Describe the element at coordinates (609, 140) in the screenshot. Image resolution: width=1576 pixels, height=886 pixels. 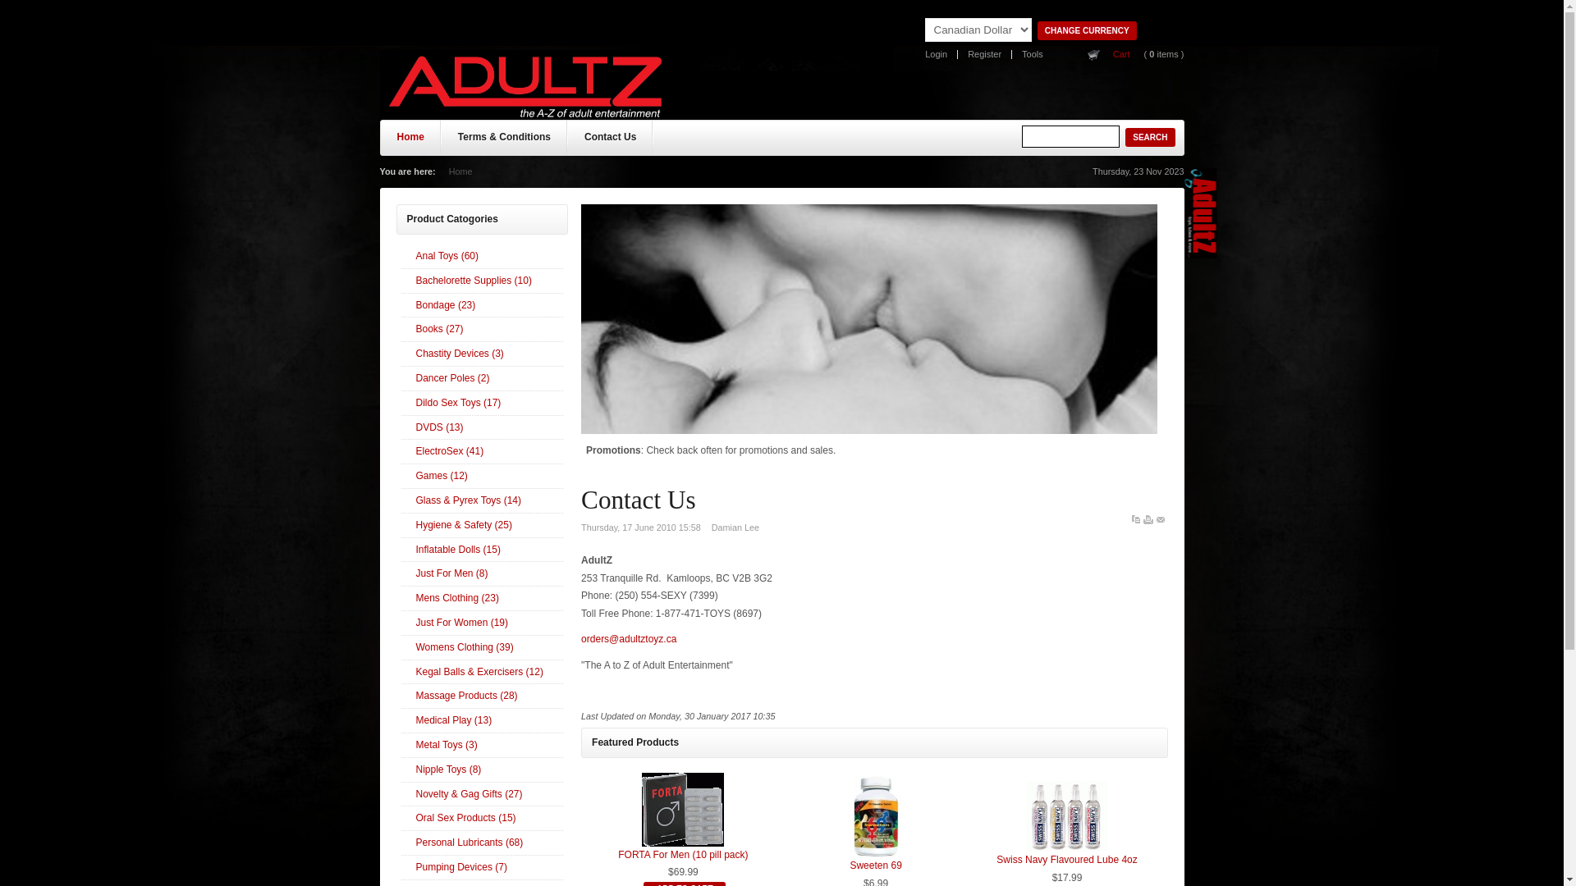
I see `'Contact Us'` at that location.